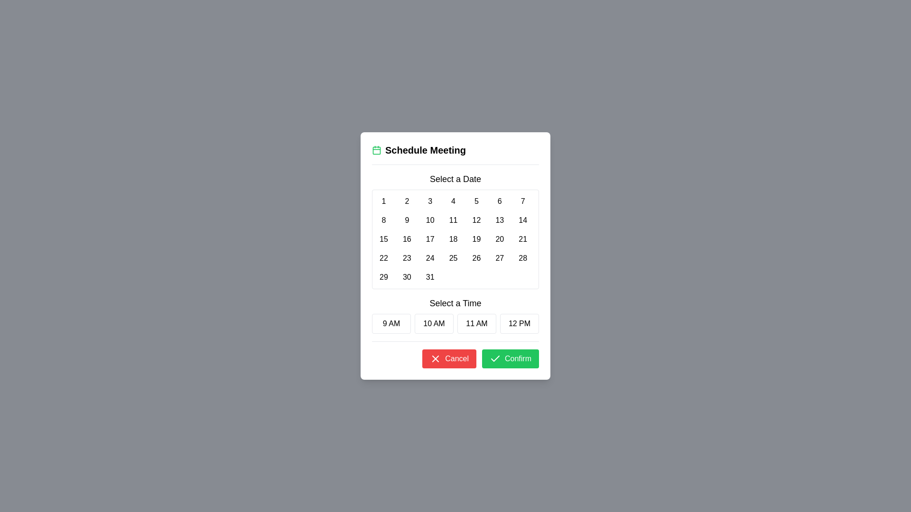 The height and width of the screenshot is (512, 911). What do you see at coordinates (453, 258) in the screenshot?
I see `the button that allows users to select the date '25' in the calendar grid of the 'Schedule Meeting' modal dialog` at bounding box center [453, 258].